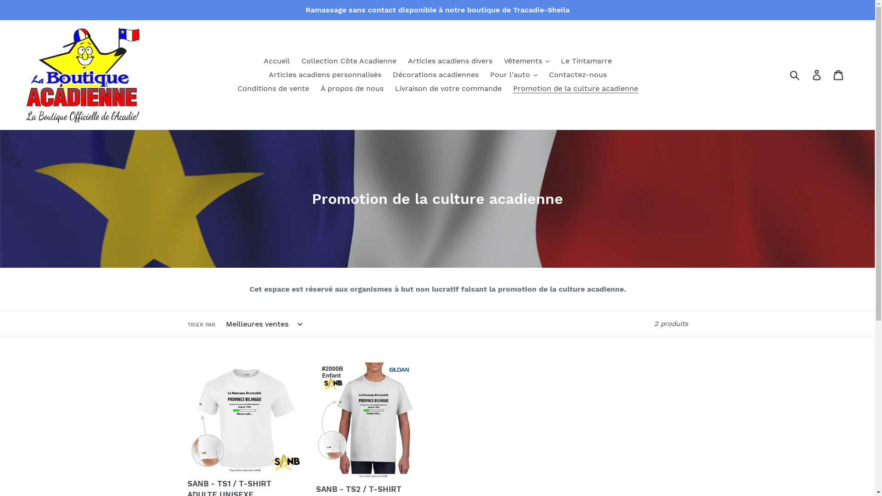 This screenshot has width=882, height=496. What do you see at coordinates (555, 61) in the screenshot?
I see `'Le Tintamarre'` at bounding box center [555, 61].